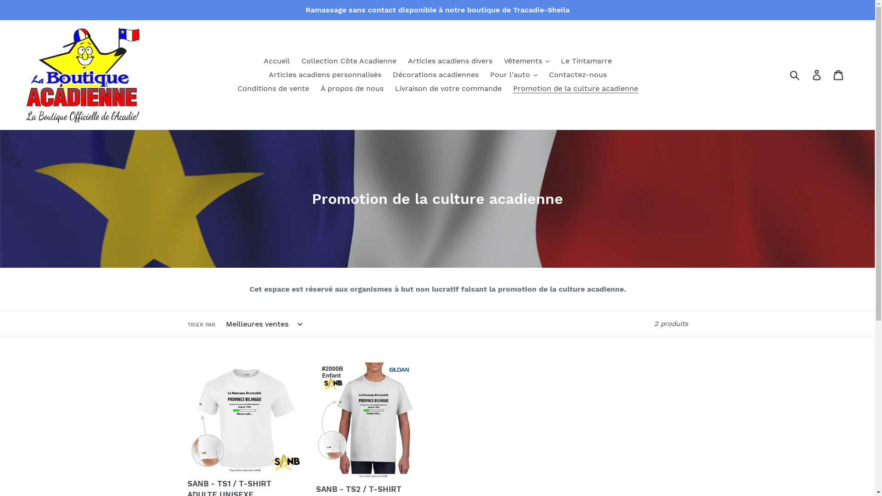 This screenshot has width=882, height=496. What do you see at coordinates (555, 61) in the screenshot?
I see `'Le Tintamarre'` at bounding box center [555, 61].